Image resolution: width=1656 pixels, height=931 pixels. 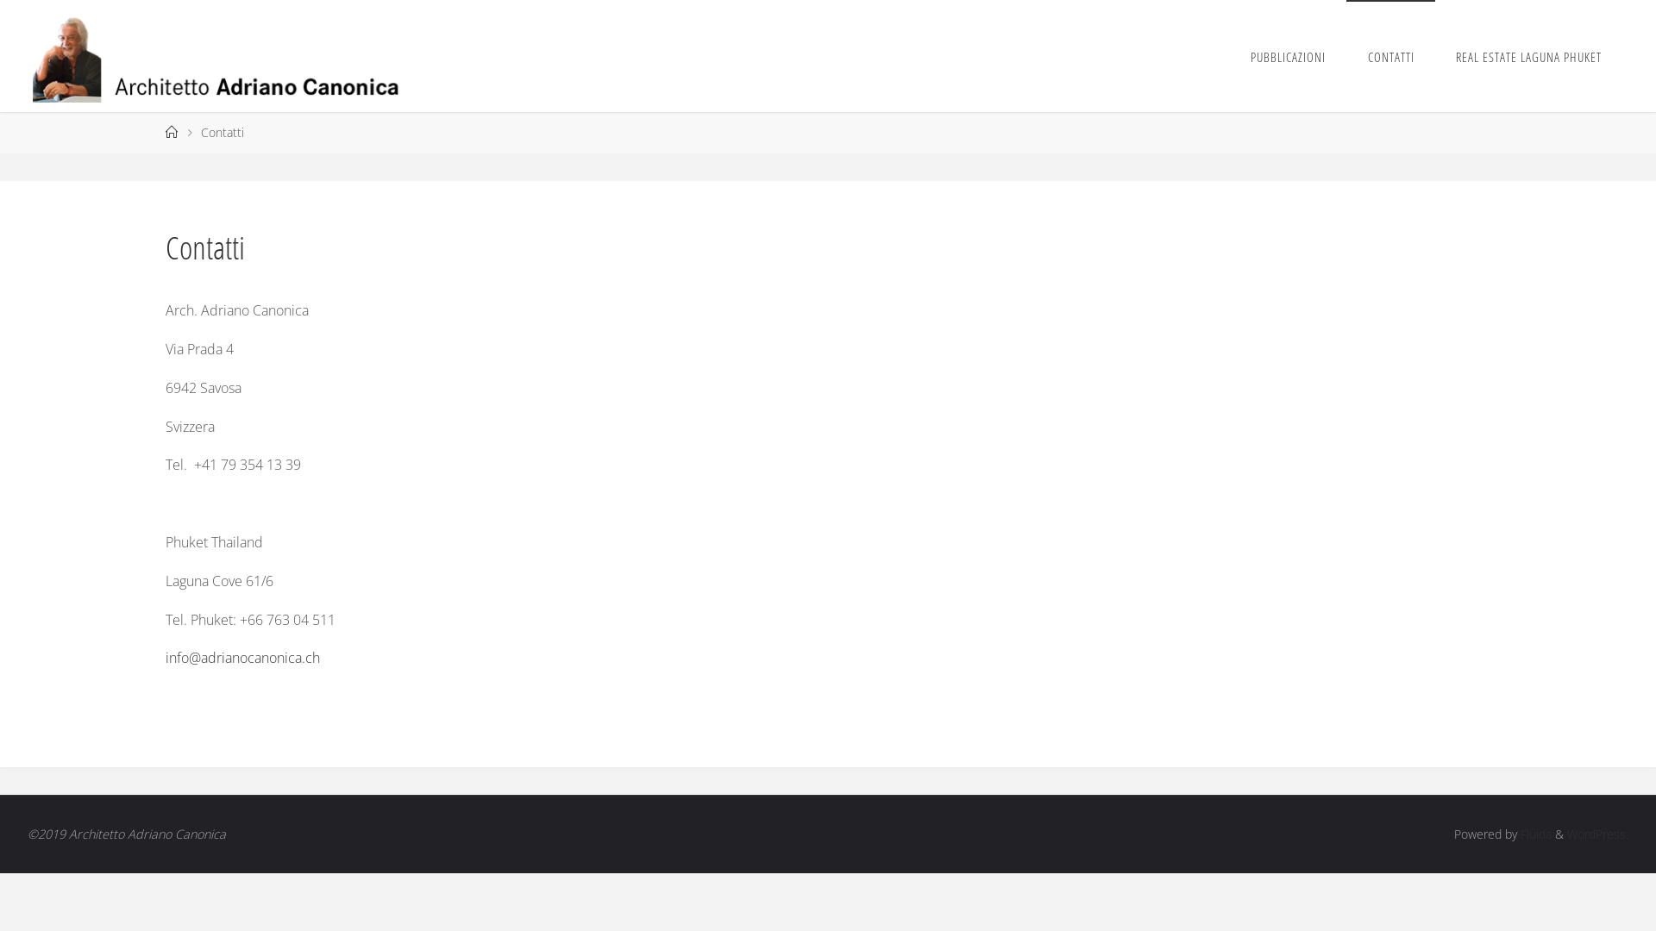 I want to click on 'REAL ESTATE LAGUNA PHUKET', so click(x=1528, y=55).